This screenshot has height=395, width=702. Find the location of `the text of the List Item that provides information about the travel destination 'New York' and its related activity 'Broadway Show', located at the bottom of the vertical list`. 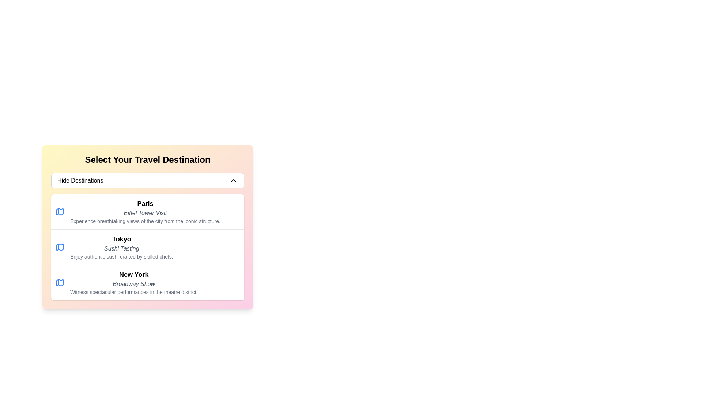

the text of the List Item that provides information about the travel destination 'New York' and its related activity 'Broadway Show', located at the bottom of the vertical list is located at coordinates (147, 282).